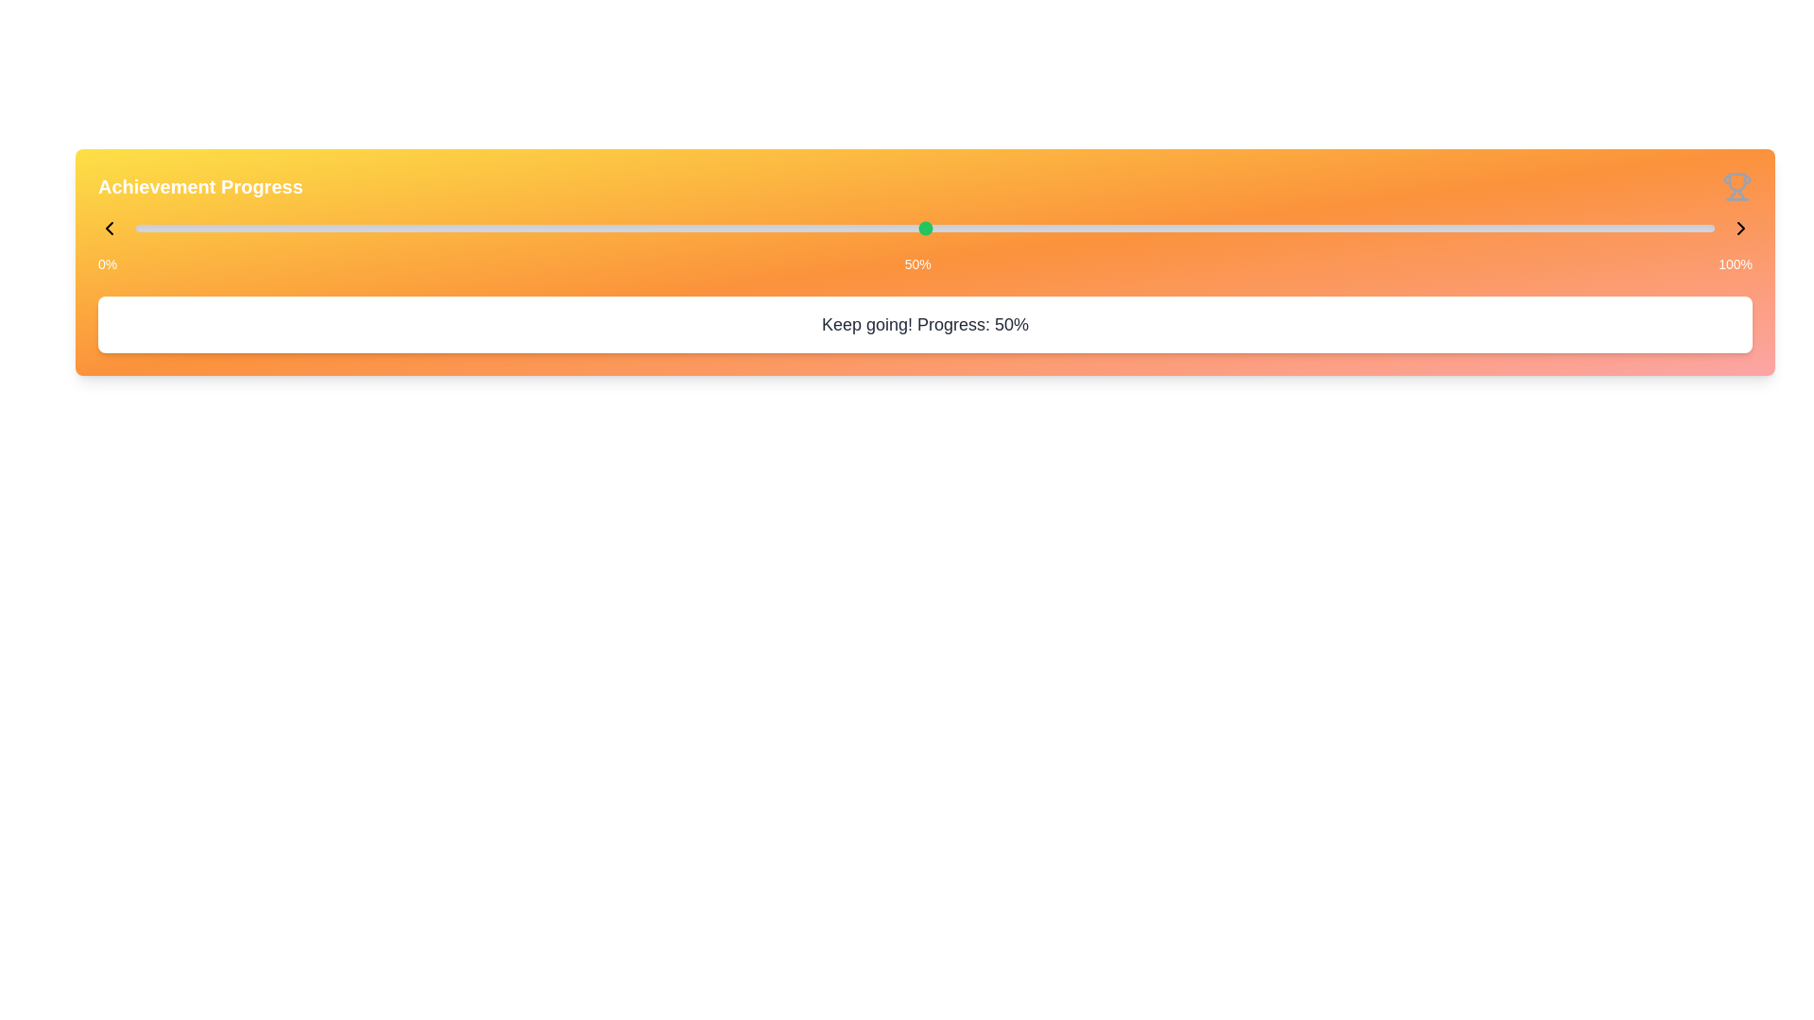 This screenshot has width=1814, height=1020. What do you see at coordinates (108, 228) in the screenshot?
I see `the navigational button located at the top-left corner of the progress bar interface, next to the text 'Achievement Progress'` at bounding box center [108, 228].